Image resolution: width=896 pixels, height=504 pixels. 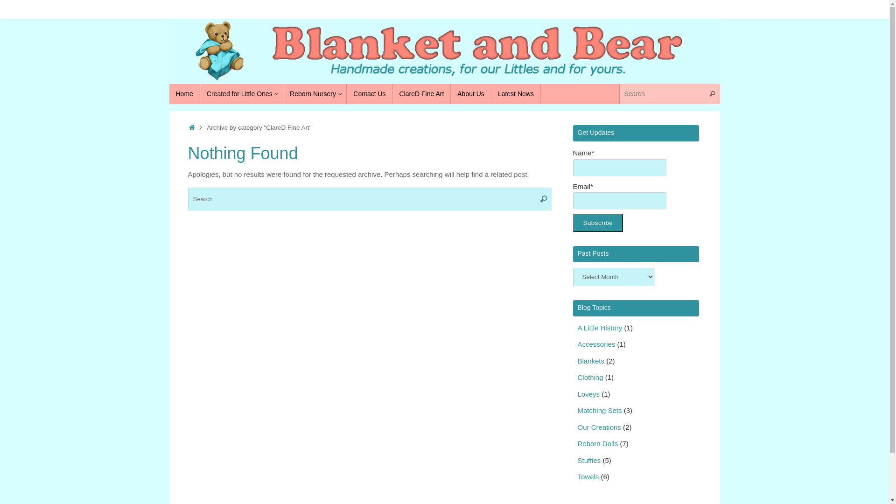 What do you see at coordinates (596, 344) in the screenshot?
I see `'Accessories'` at bounding box center [596, 344].